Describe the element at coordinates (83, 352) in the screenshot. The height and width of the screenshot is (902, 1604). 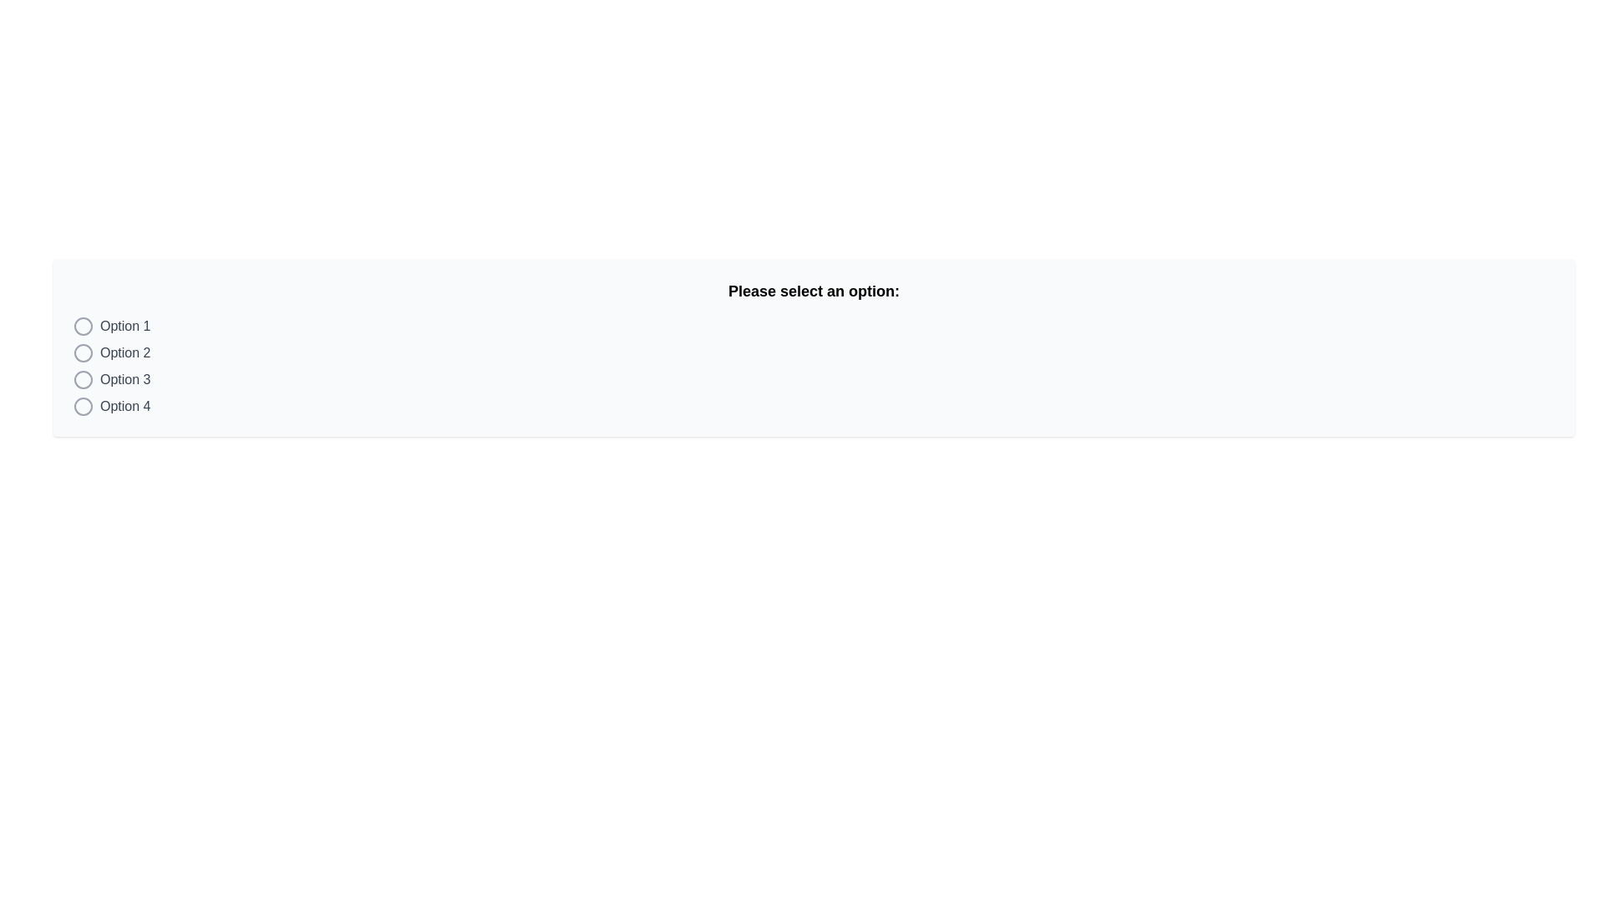
I see `the active radio button for 'Option 2' to deselect it` at that location.